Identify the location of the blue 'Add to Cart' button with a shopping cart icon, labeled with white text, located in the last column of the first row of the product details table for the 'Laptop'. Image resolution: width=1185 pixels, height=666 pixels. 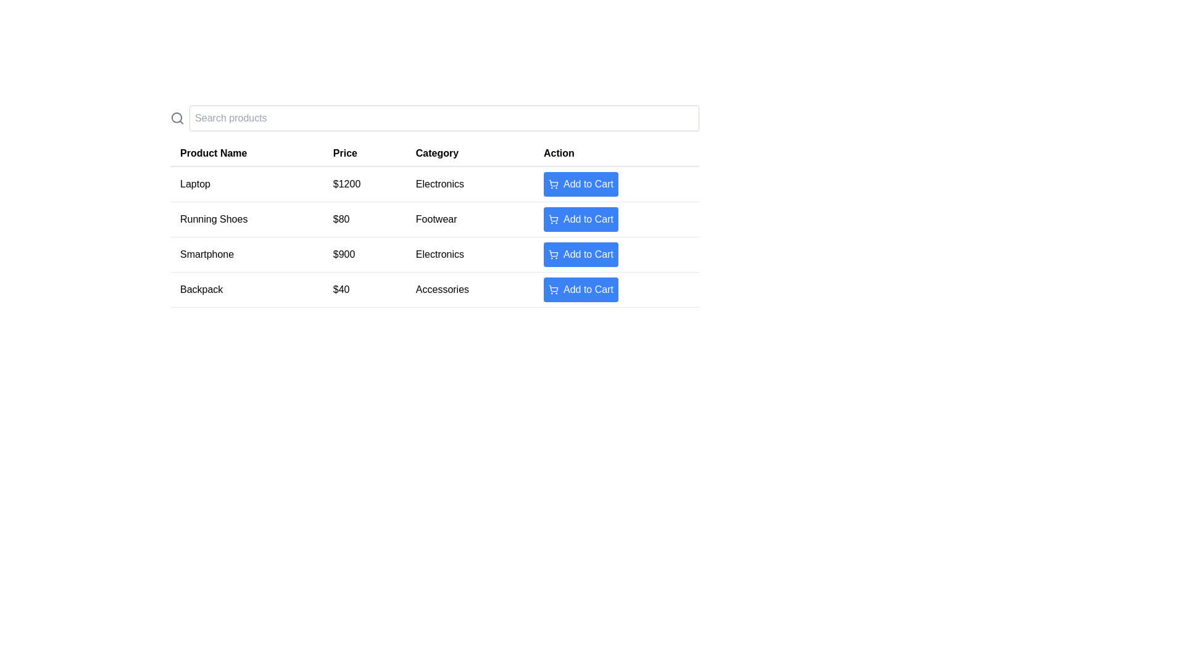
(616, 184).